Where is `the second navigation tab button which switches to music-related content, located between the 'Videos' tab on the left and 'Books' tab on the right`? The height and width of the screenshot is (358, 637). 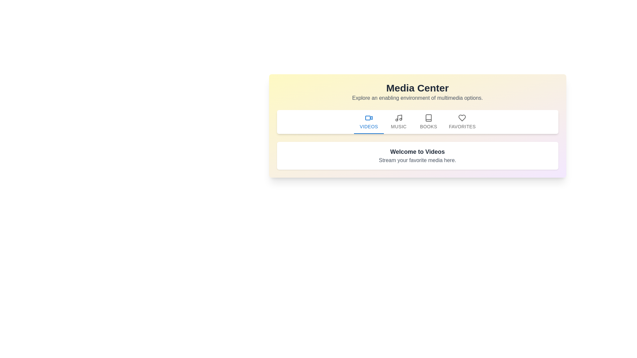 the second navigation tab button which switches to music-related content, located between the 'Videos' tab on the left and 'Books' tab on the right is located at coordinates (398, 122).